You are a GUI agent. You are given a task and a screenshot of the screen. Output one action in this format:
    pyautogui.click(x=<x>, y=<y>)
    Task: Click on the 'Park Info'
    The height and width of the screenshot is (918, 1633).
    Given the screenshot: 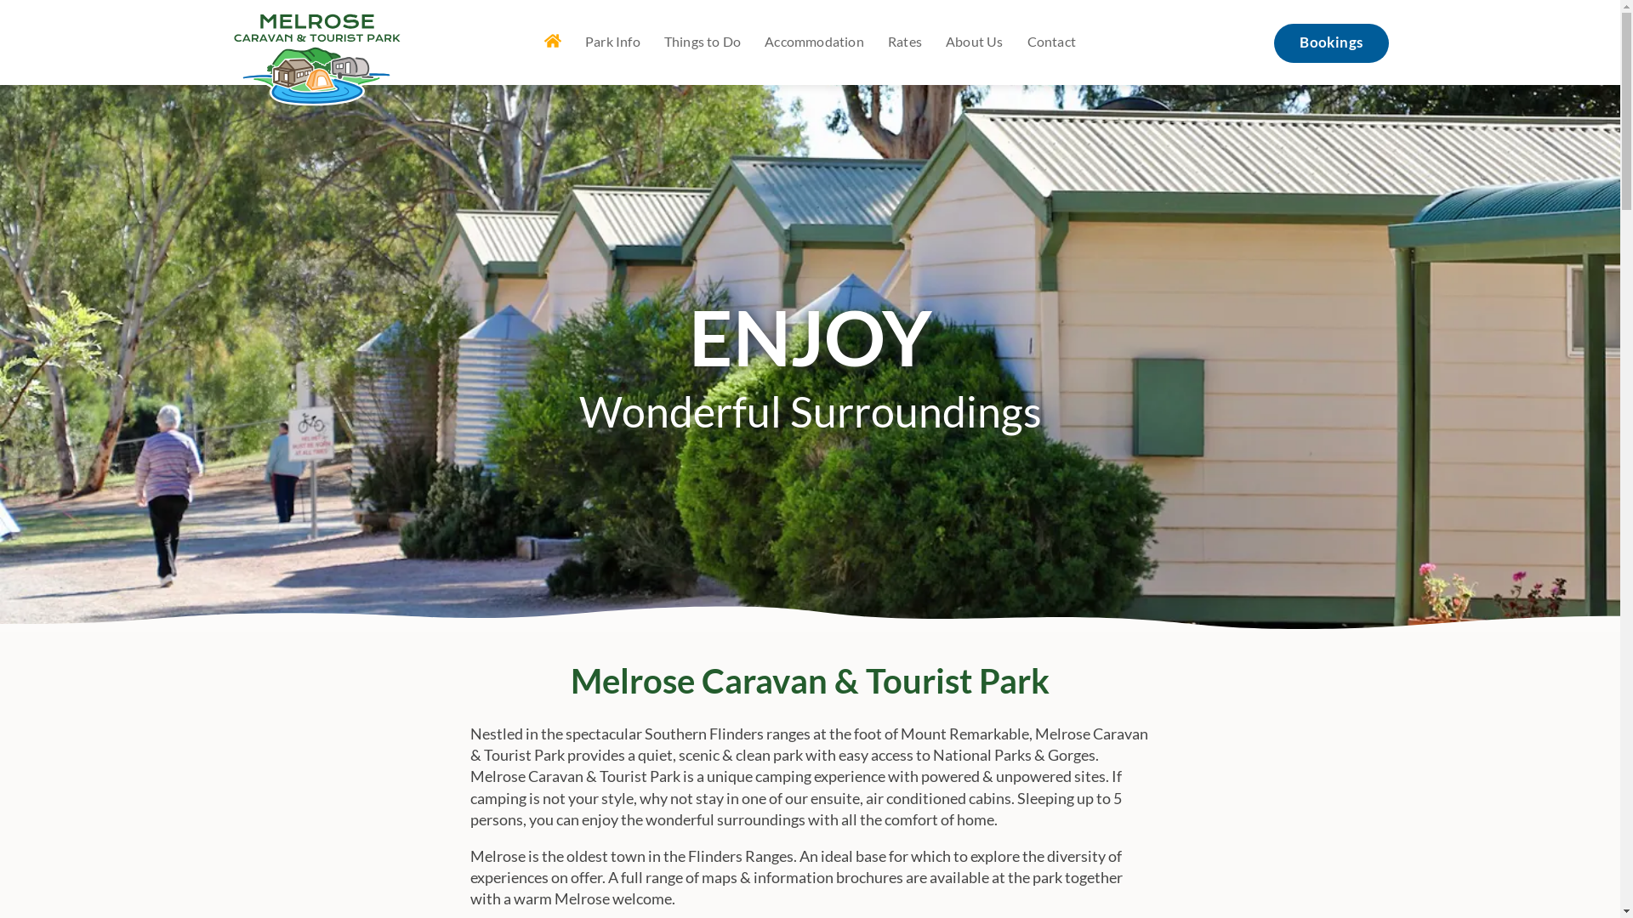 What is the action you would take?
    pyautogui.click(x=612, y=40)
    